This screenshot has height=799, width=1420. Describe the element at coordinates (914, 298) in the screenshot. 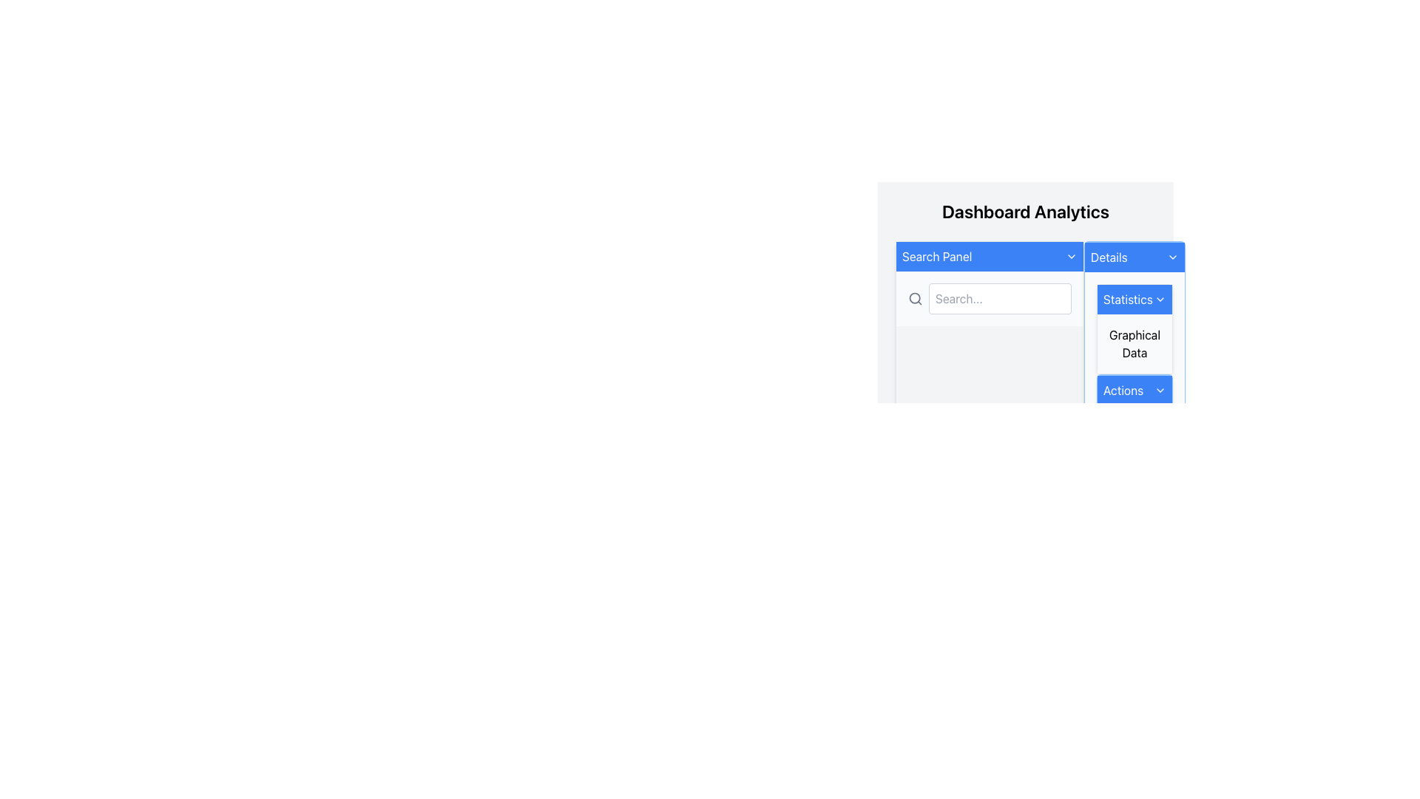

I see `the circular lens part of the magnifying glass icon, which is a decorative component indicating search functionality in the 'Search Panel' section under 'Dashboard Analytics'` at that location.